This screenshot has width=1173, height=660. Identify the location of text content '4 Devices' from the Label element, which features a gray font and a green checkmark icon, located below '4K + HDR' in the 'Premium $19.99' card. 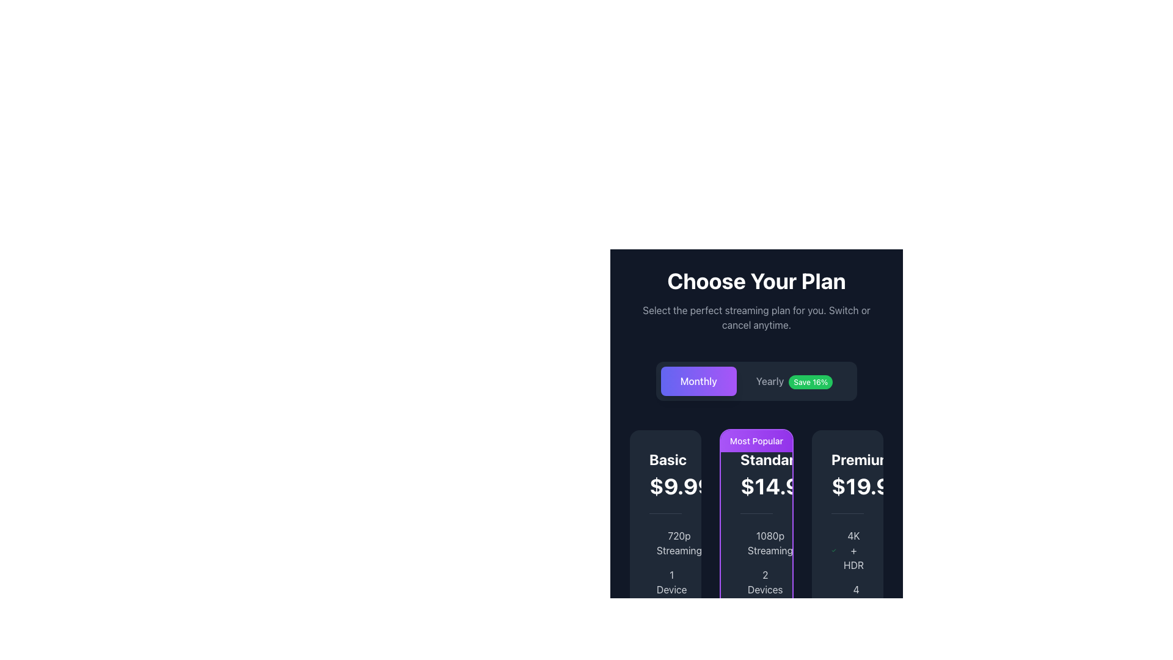
(847, 596).